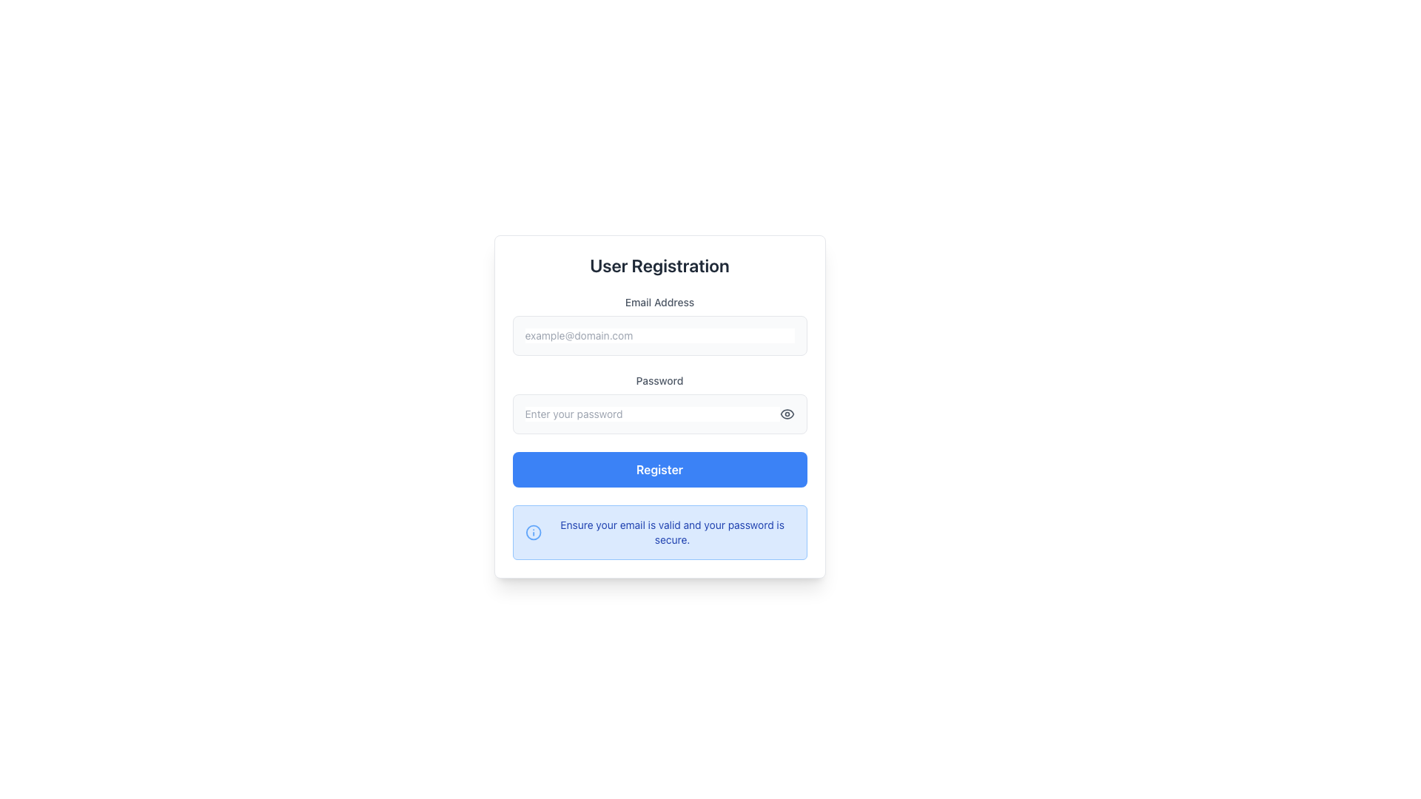  Describe the element at coordinates (651, 414) in the screenshot. I see `to select a portion of the text in the text input field labeled 'Password', which has a light gray background and contains the placeholder 'Enter your password'` at that location.